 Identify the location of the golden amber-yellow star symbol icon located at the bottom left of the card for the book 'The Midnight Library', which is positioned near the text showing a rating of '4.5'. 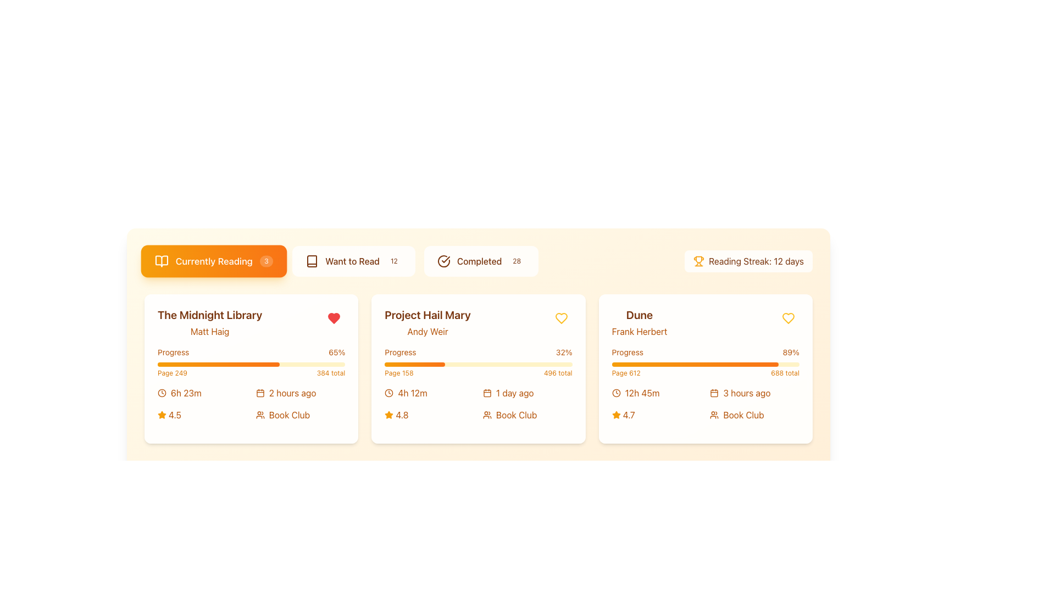
(161, 415).